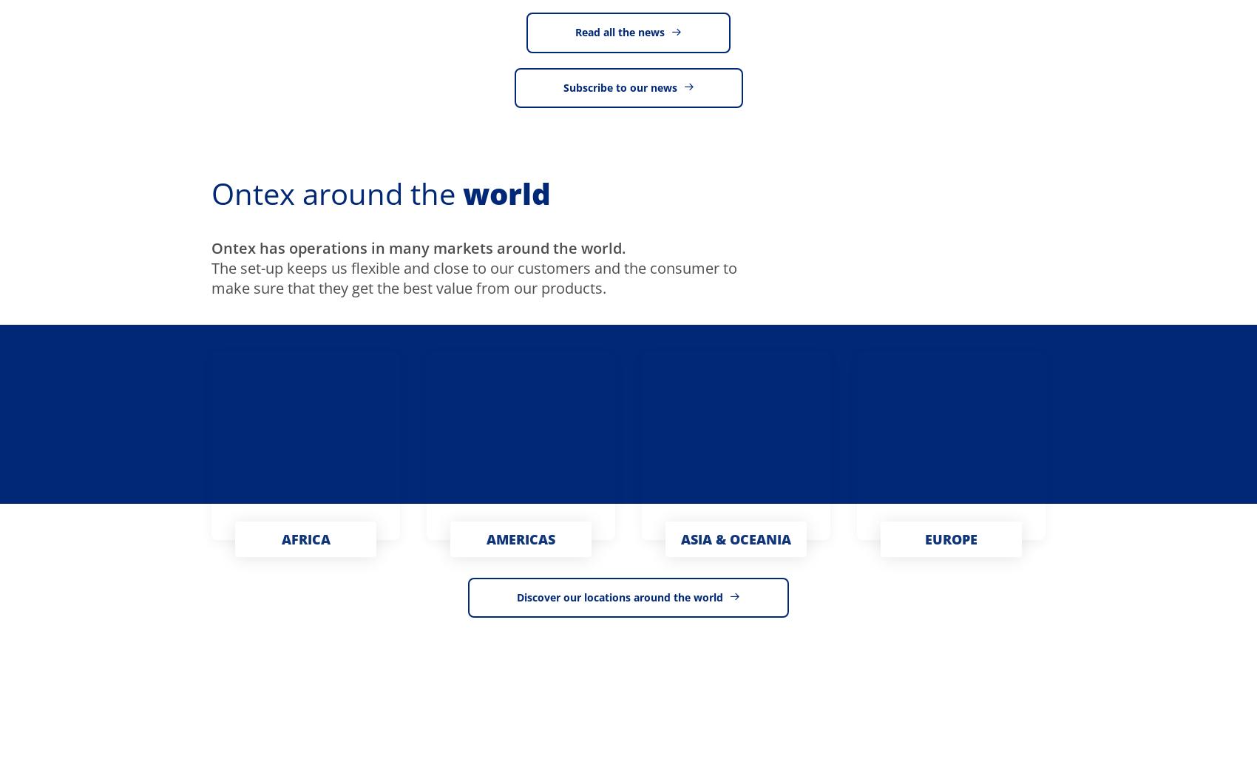 This screenshot has height=779, width=1257. I want to click on 'AMERICAS', so click(521, 538).